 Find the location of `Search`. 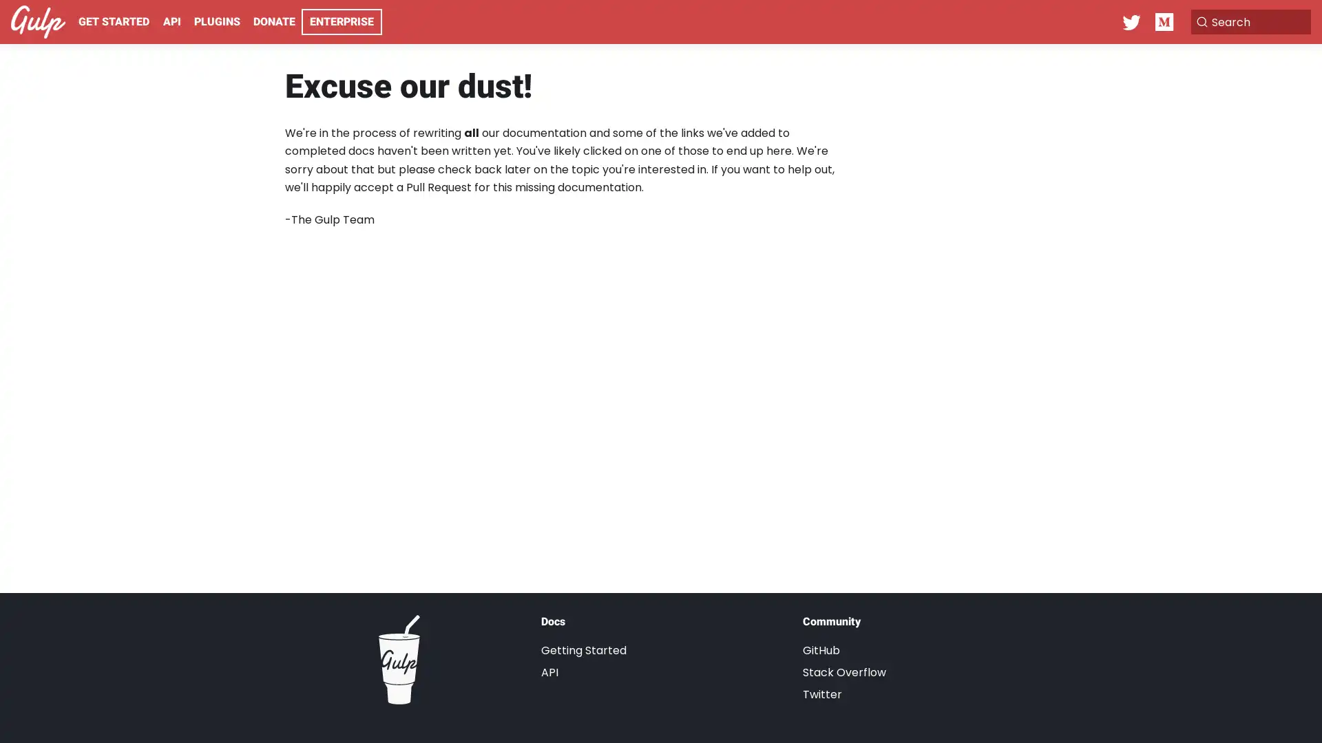

Search is located at coordinates (1242, 21).